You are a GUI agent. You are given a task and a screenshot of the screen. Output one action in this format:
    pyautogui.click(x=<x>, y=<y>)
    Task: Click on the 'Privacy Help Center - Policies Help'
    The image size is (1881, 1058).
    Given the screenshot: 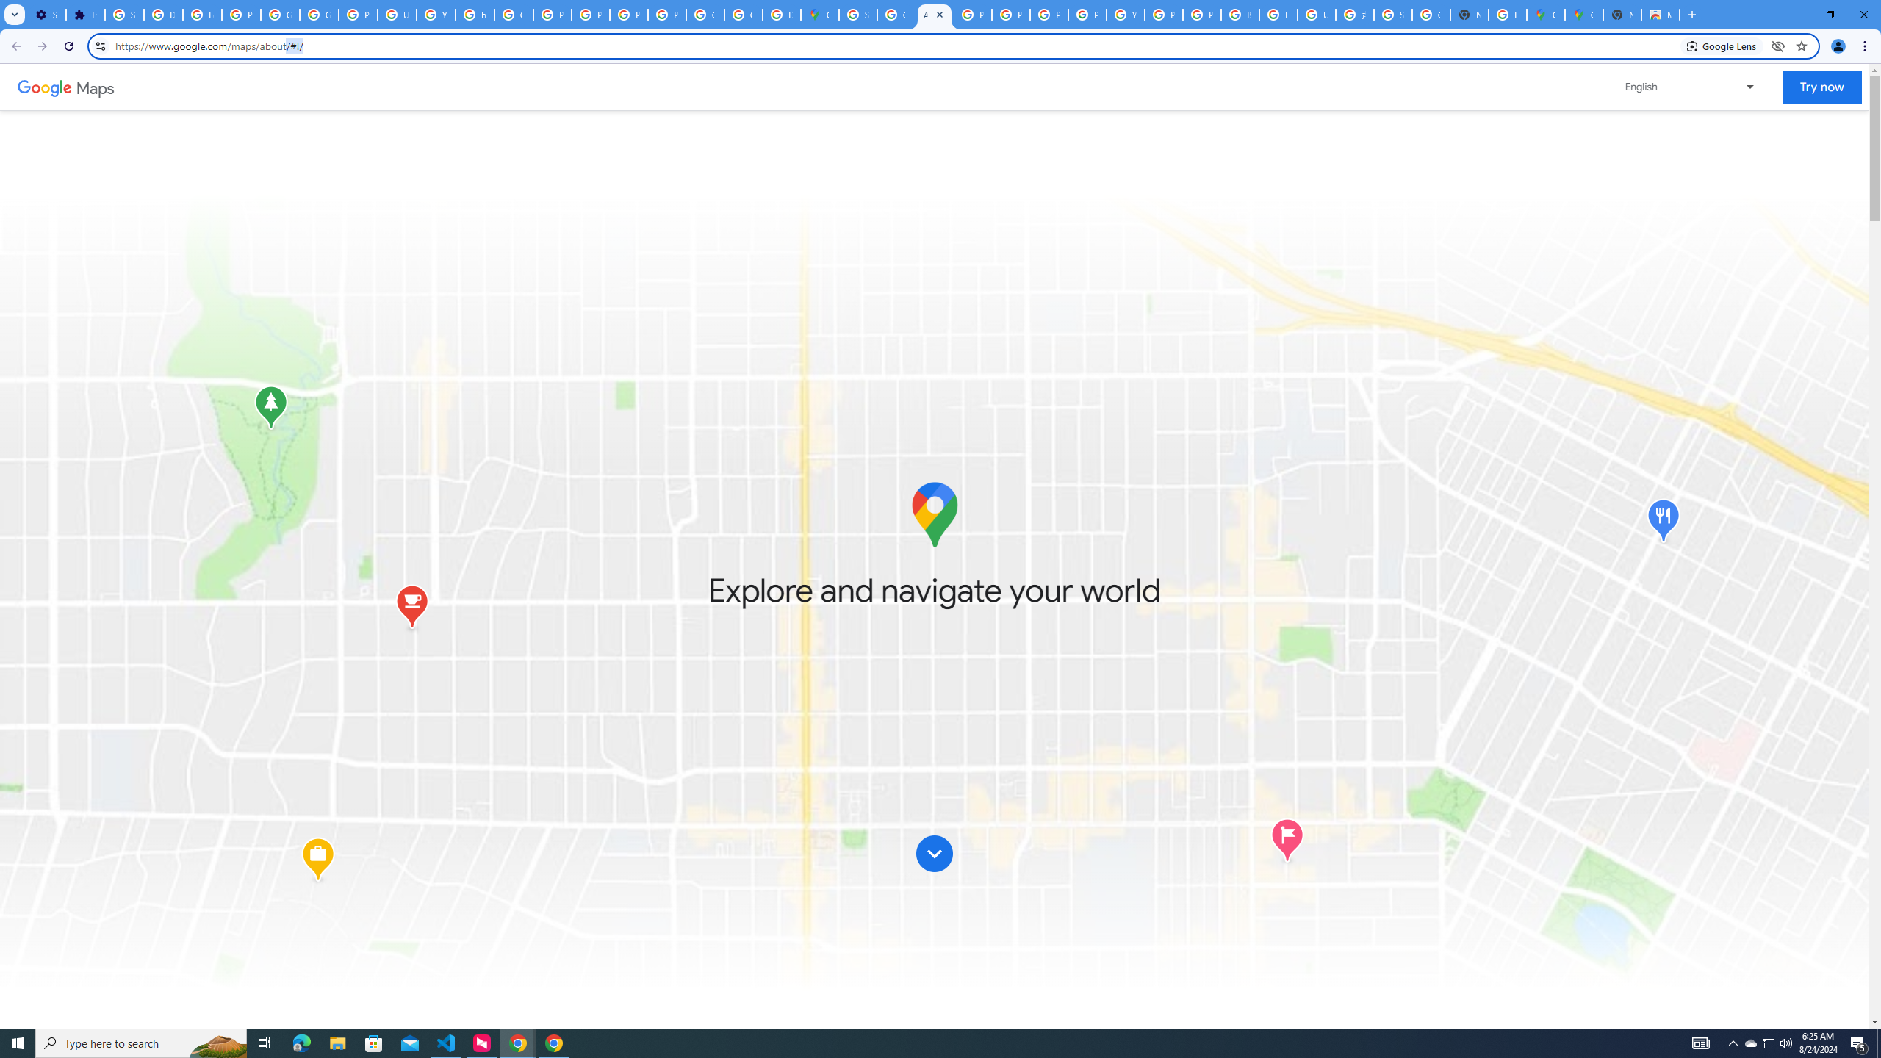 What is the action you would take?
    pyautogui.click(x=551, y=14)
    